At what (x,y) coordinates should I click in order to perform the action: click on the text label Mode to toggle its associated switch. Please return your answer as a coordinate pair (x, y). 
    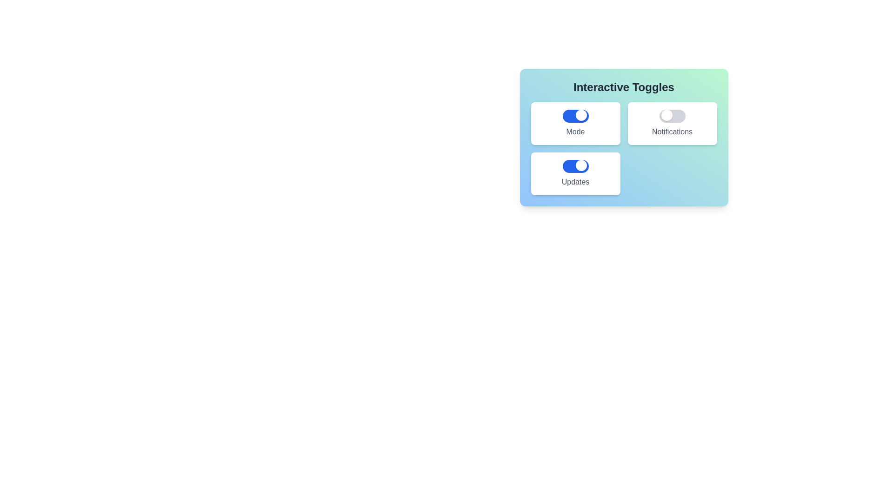
    Looking at the image, I should click on (575, 132).